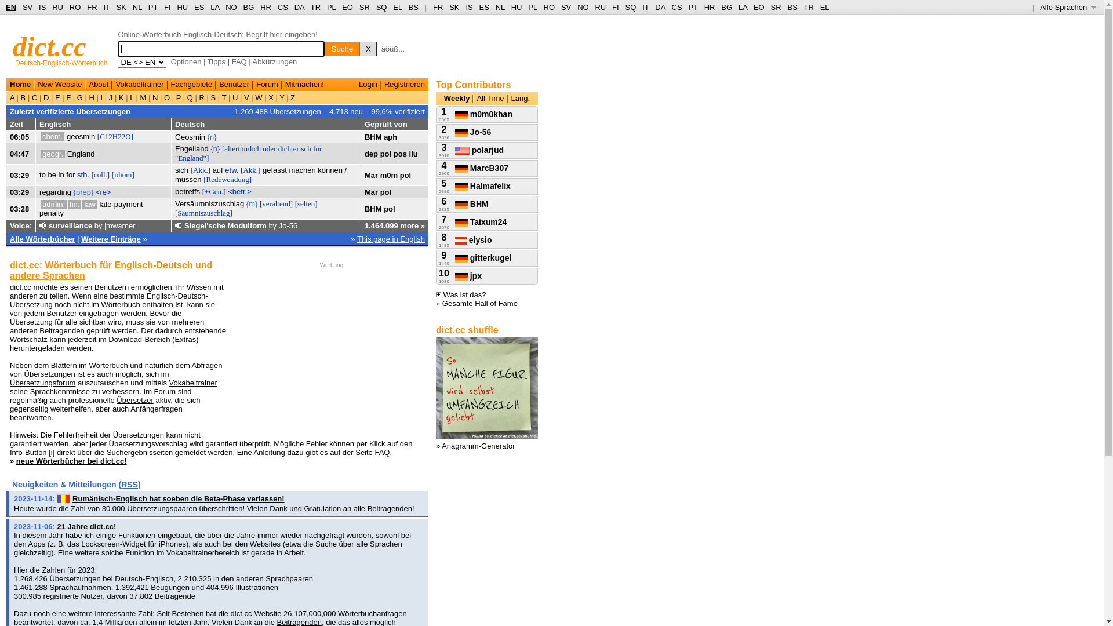  What do you see at coordinates (101, 97) in the screenshot?
I see `'I'` at bounding box center [101, 97].